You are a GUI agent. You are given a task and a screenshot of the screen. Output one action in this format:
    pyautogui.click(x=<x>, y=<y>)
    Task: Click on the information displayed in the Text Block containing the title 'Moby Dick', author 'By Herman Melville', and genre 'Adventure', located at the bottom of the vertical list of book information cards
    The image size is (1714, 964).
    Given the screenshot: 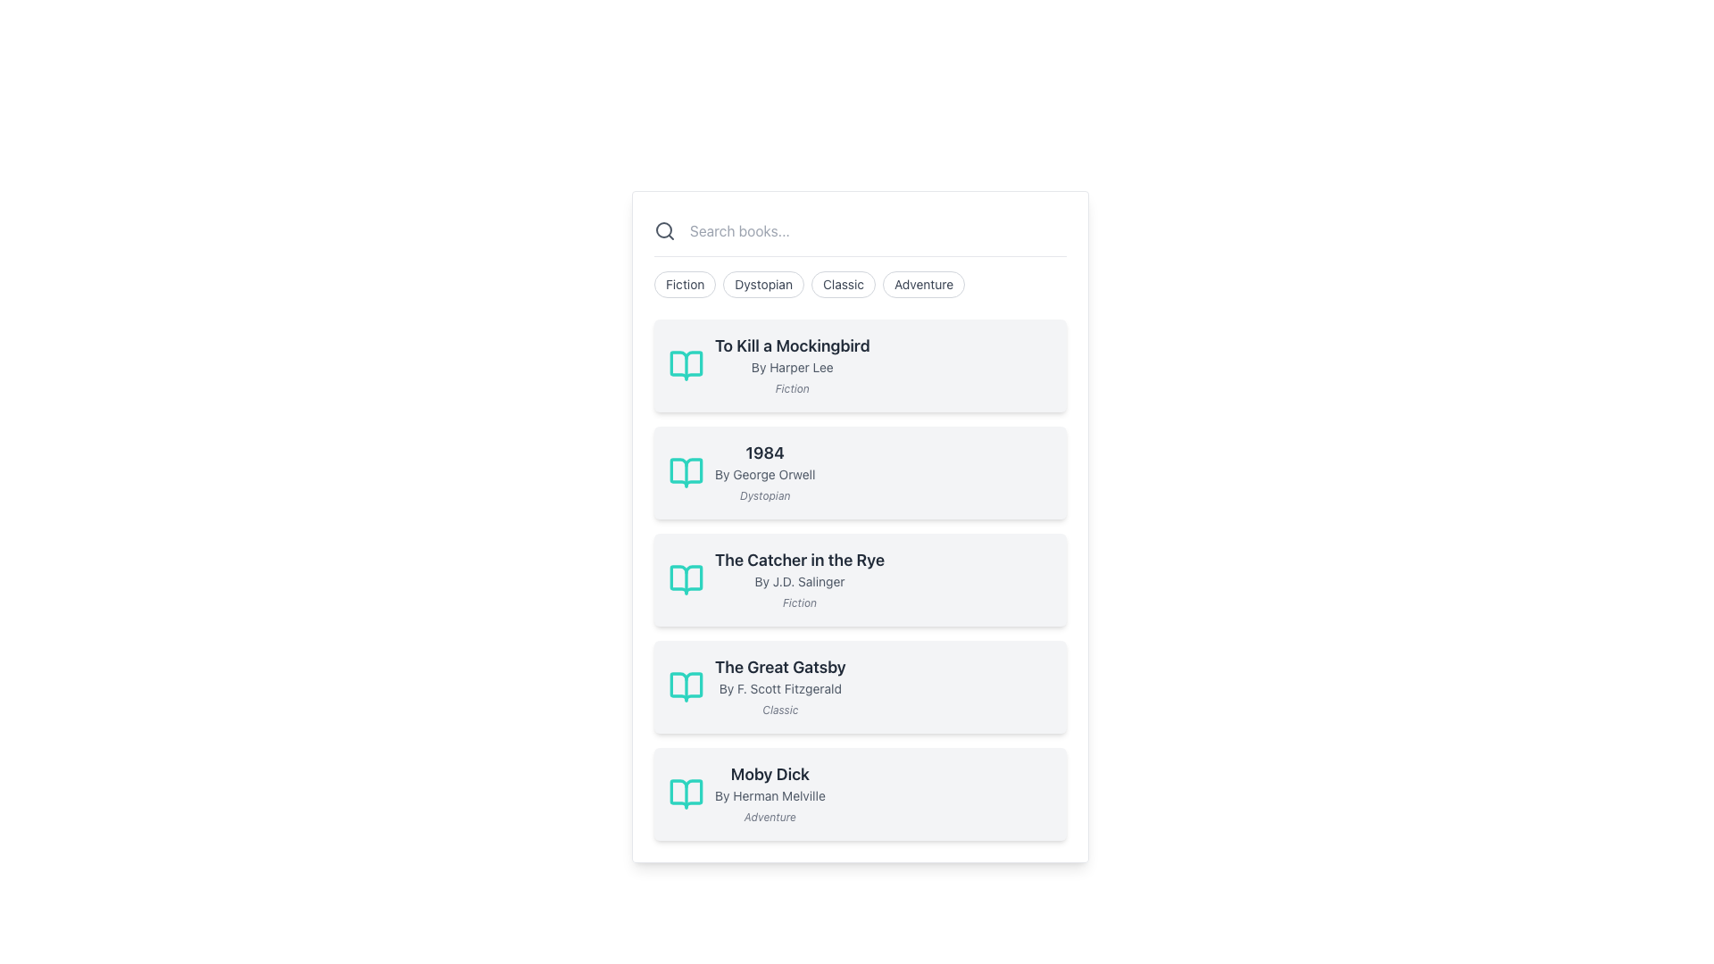 What is the action you would take?
    pyautogui.click(x=770, y=794)
    